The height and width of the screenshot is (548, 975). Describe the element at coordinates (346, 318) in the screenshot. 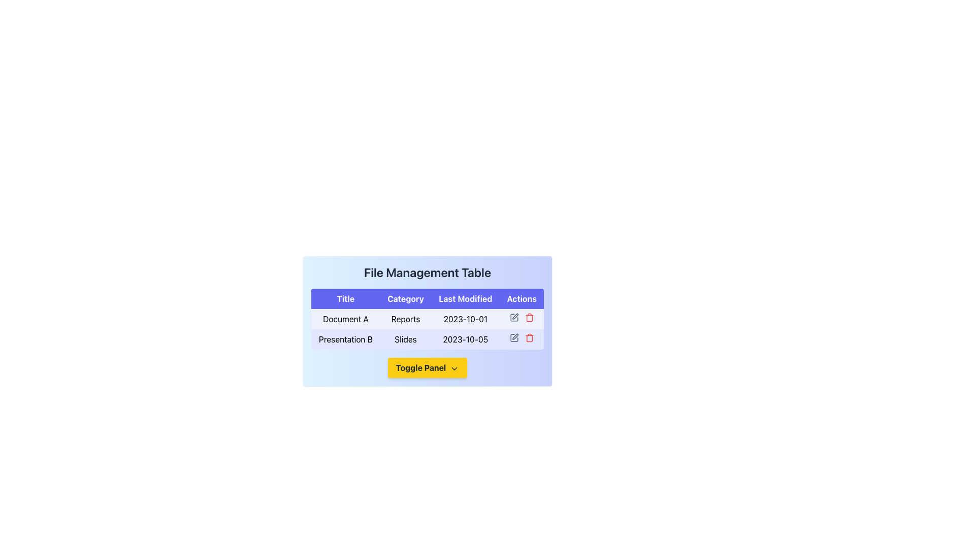

I see `the text label displaying 'Document A' located in the first column of the top data row in the table` at that location.